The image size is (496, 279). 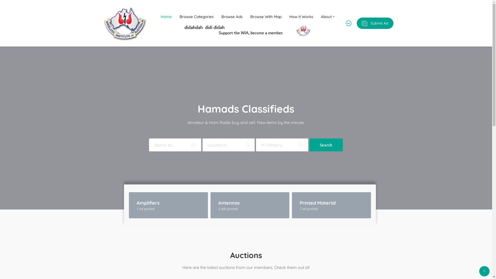 I want to click on 'Home', so click(x=166, y=17).